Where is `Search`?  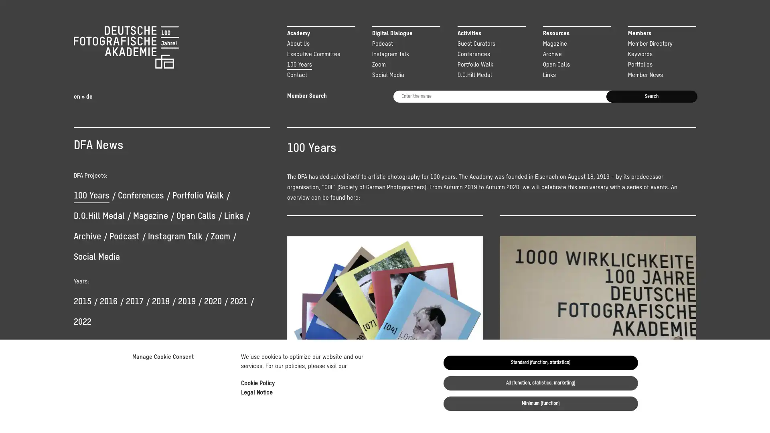
Search is located at coordinates (651, 96).